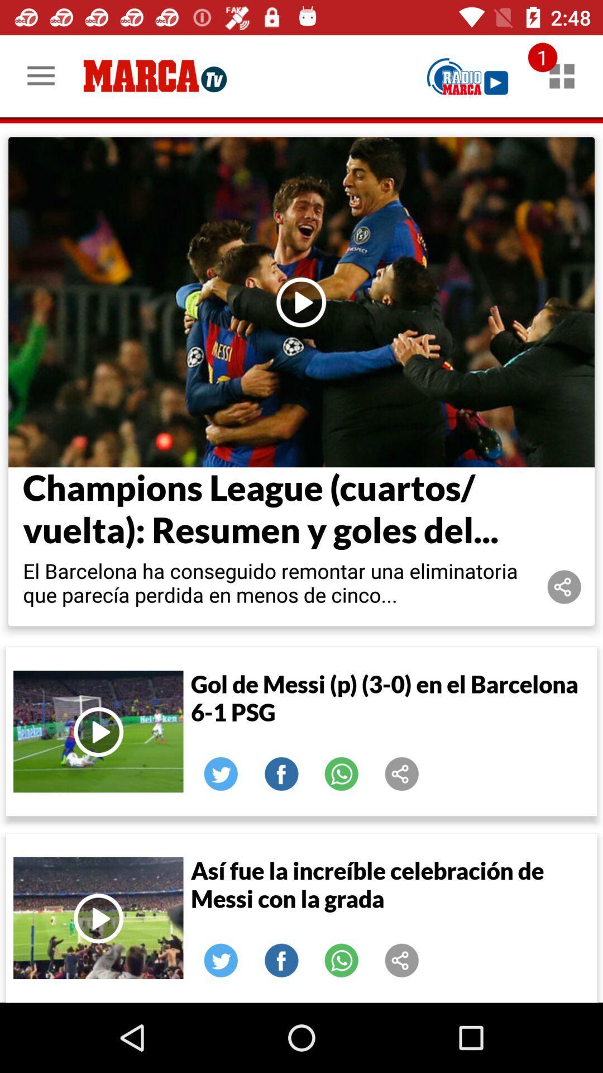  I want to click on the video, so click(98, 732).